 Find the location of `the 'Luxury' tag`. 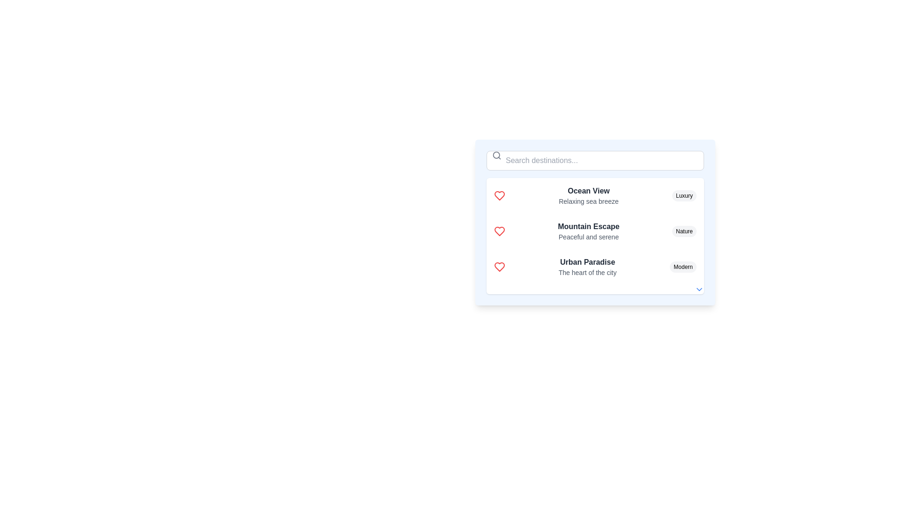

the 'Luxury' tag is located at coordinates (684, 195).